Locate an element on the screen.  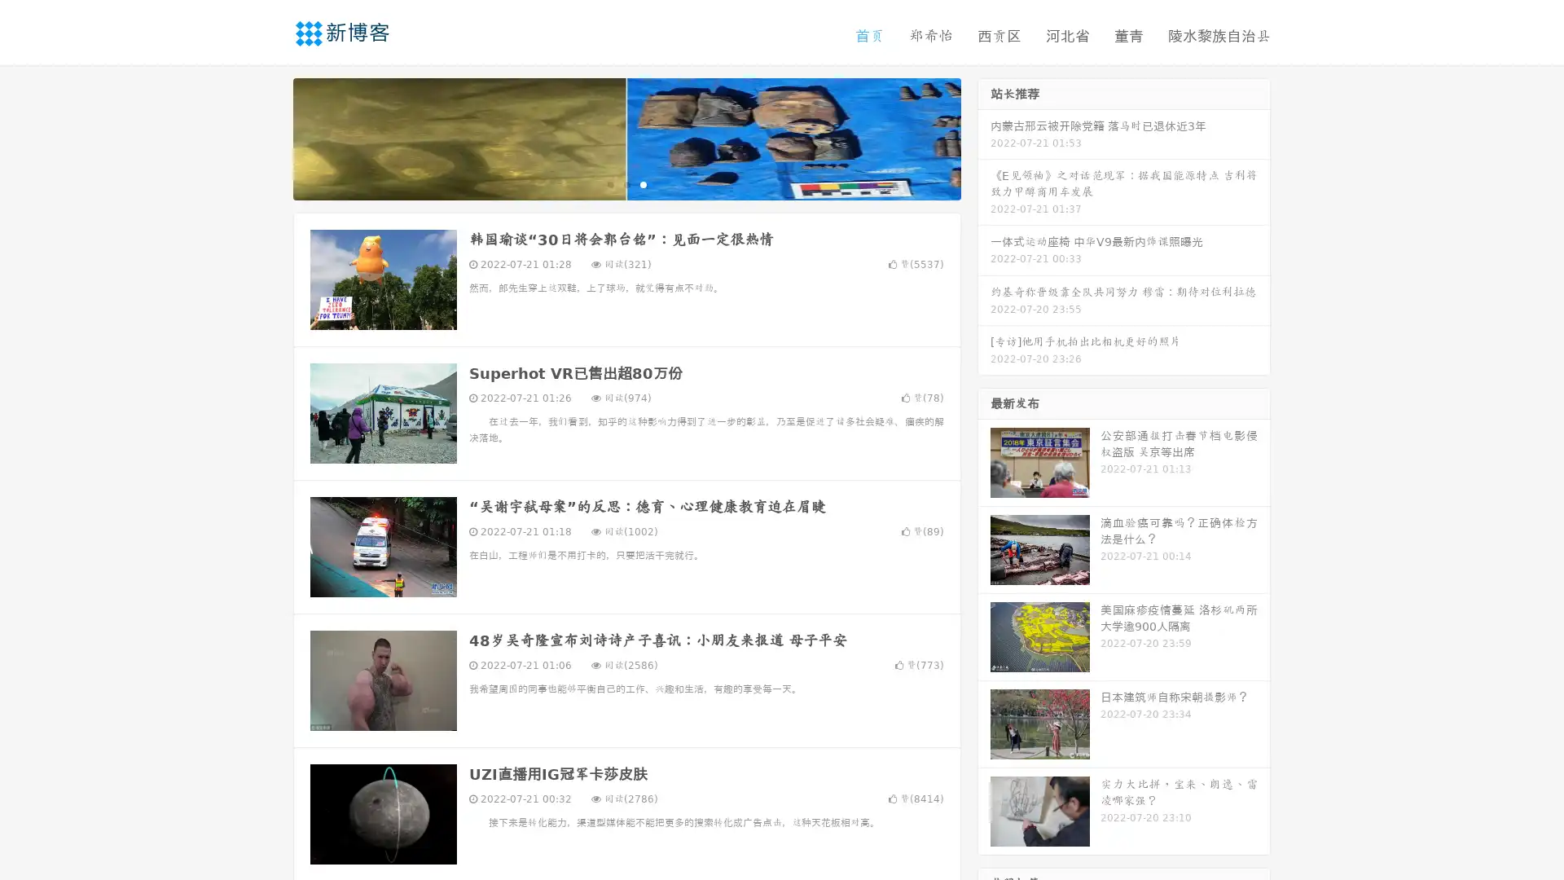
Go to slide 1 is located at coordinates (609, 183).